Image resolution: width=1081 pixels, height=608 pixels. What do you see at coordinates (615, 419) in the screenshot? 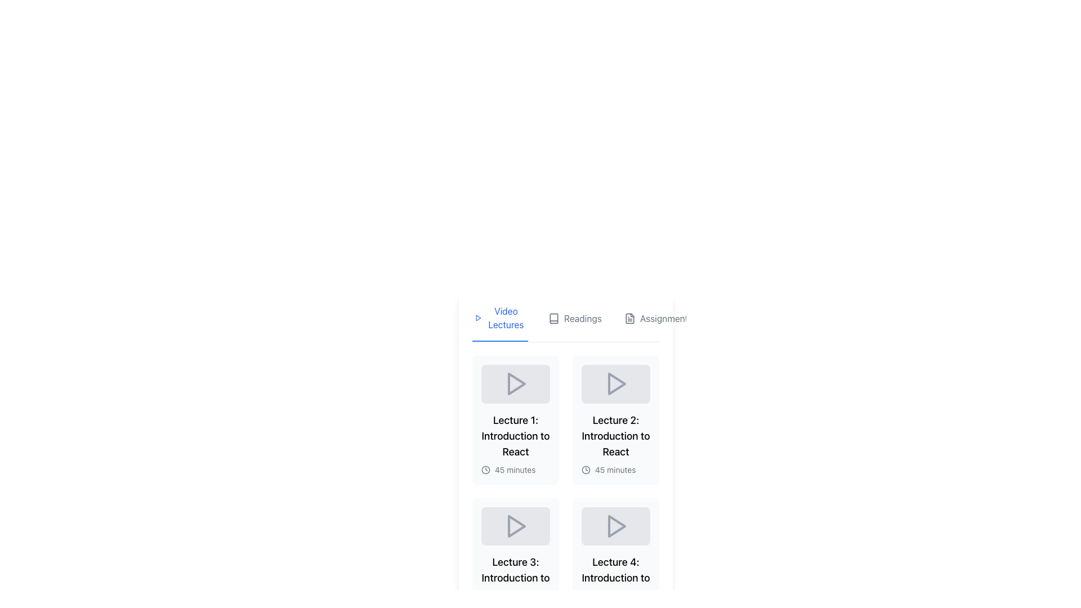
I see `the second card in the upper row of the grid layout` at bounding box center [615, 419].